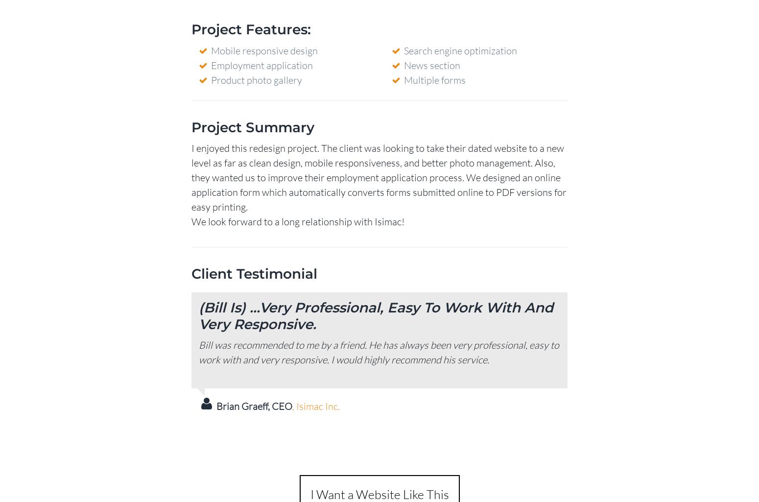  I want to click on 'We look forward to a long relationship with Isimac!', so click(298, 220).